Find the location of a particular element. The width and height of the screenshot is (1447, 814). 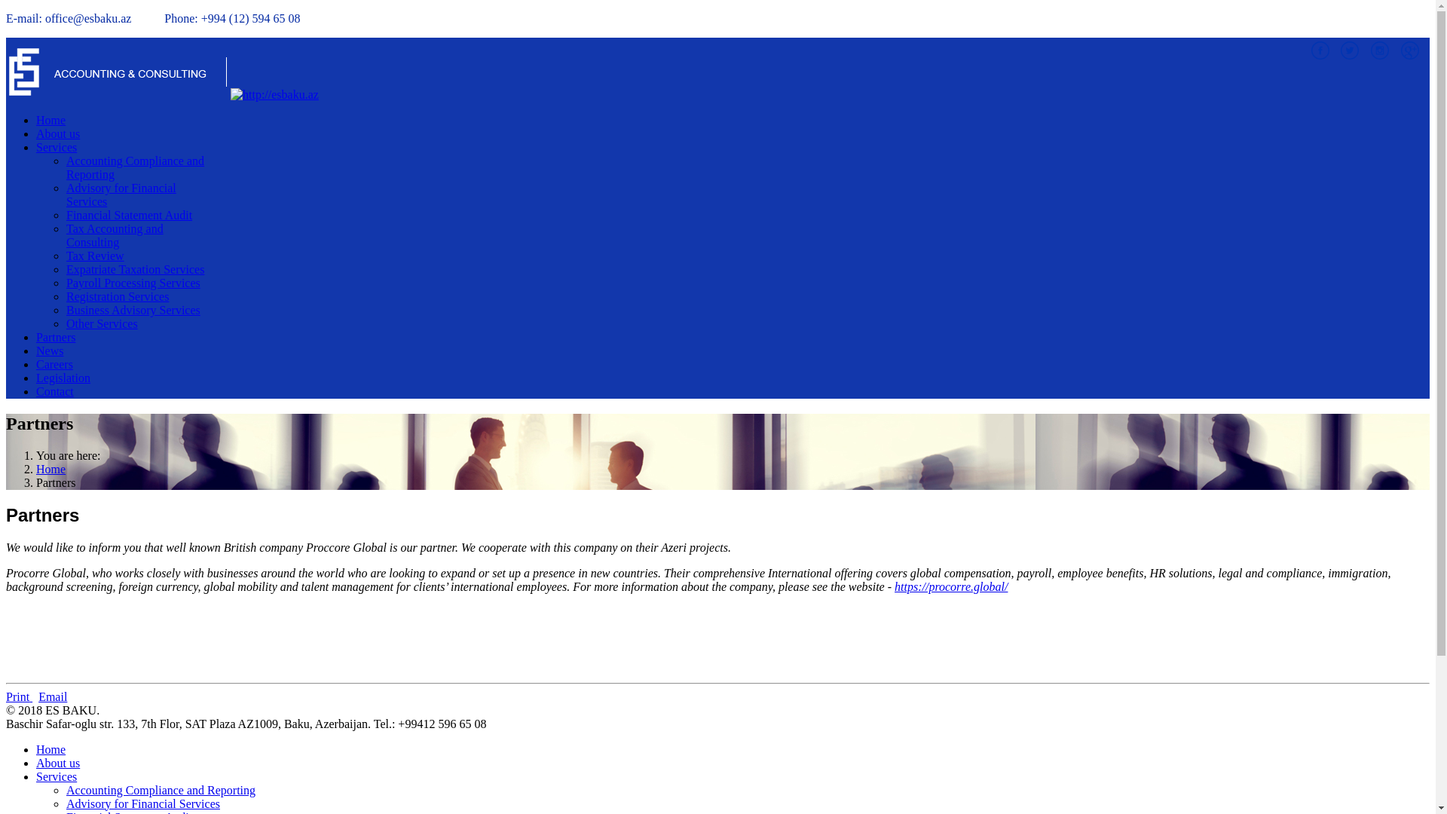

'Payroll Processing Services' is located at coordinates (133, 283).